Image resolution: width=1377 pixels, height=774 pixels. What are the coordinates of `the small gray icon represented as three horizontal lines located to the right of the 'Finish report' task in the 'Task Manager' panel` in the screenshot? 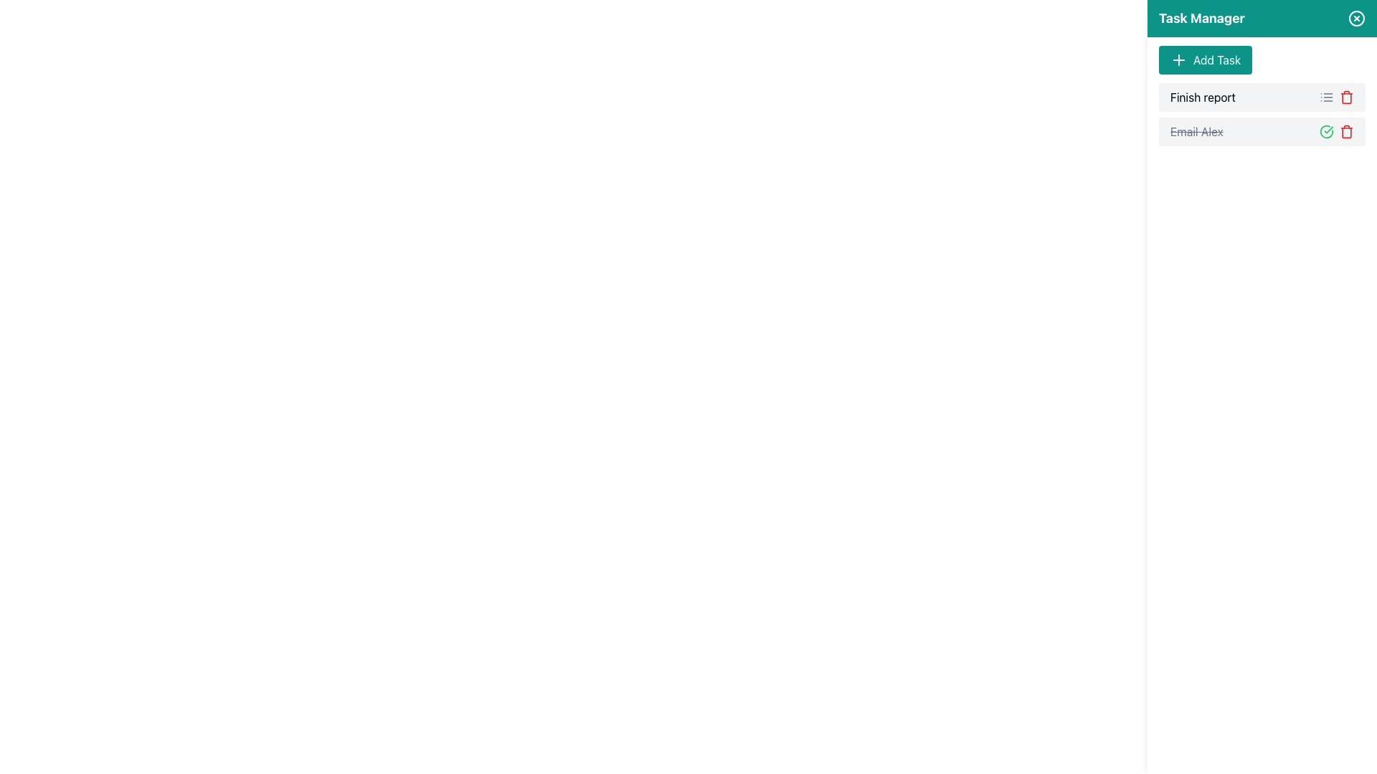 It's located at (1325, 97).